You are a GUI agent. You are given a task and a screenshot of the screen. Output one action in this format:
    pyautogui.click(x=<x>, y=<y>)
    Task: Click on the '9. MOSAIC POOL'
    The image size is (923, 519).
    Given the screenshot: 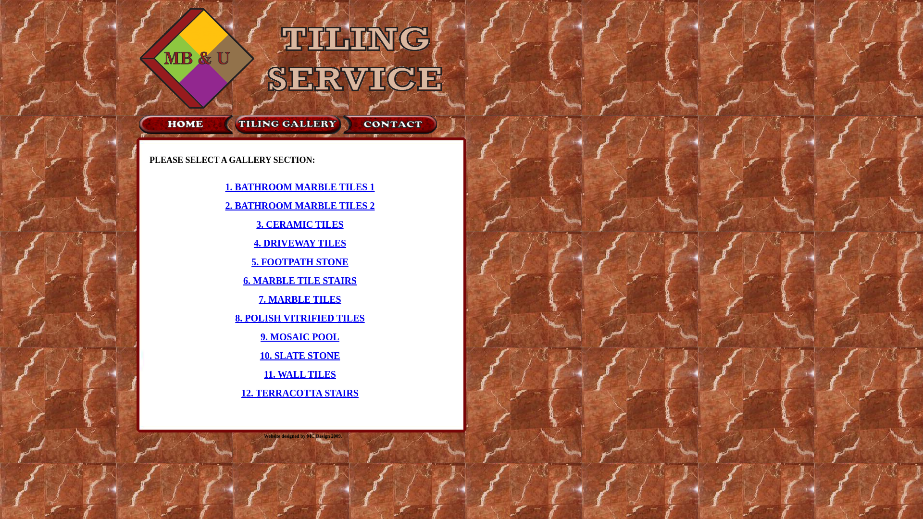 What is the action you would take?
    pyautogui.click(x=261, y=336)
    